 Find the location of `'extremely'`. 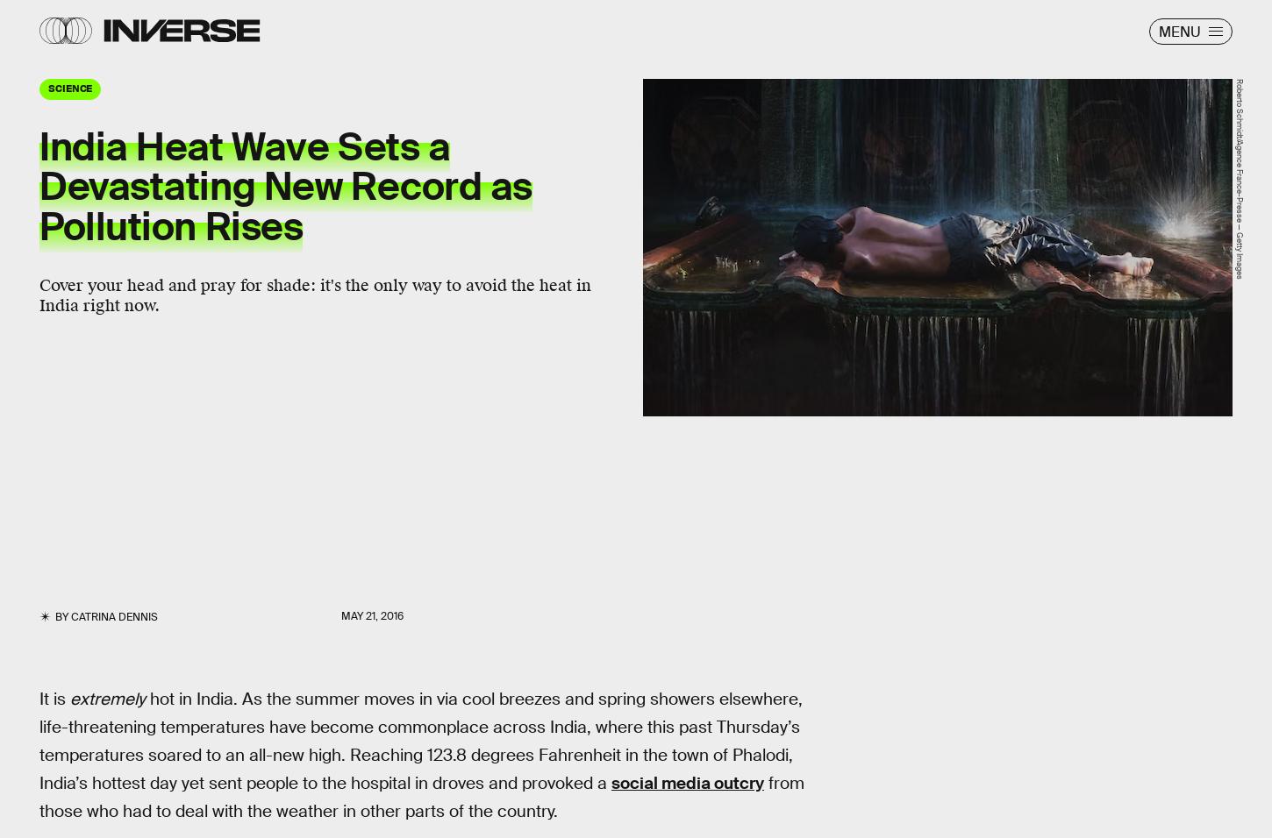

'extremely' is located at coordinates (106, 698).